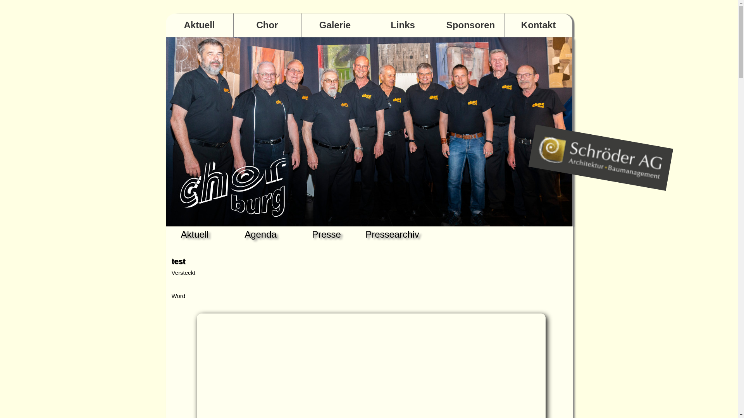  What do you see at coordinates (335, 25) in the screenshot?
I see `'Galerie'` at bounding box center [335, 25].